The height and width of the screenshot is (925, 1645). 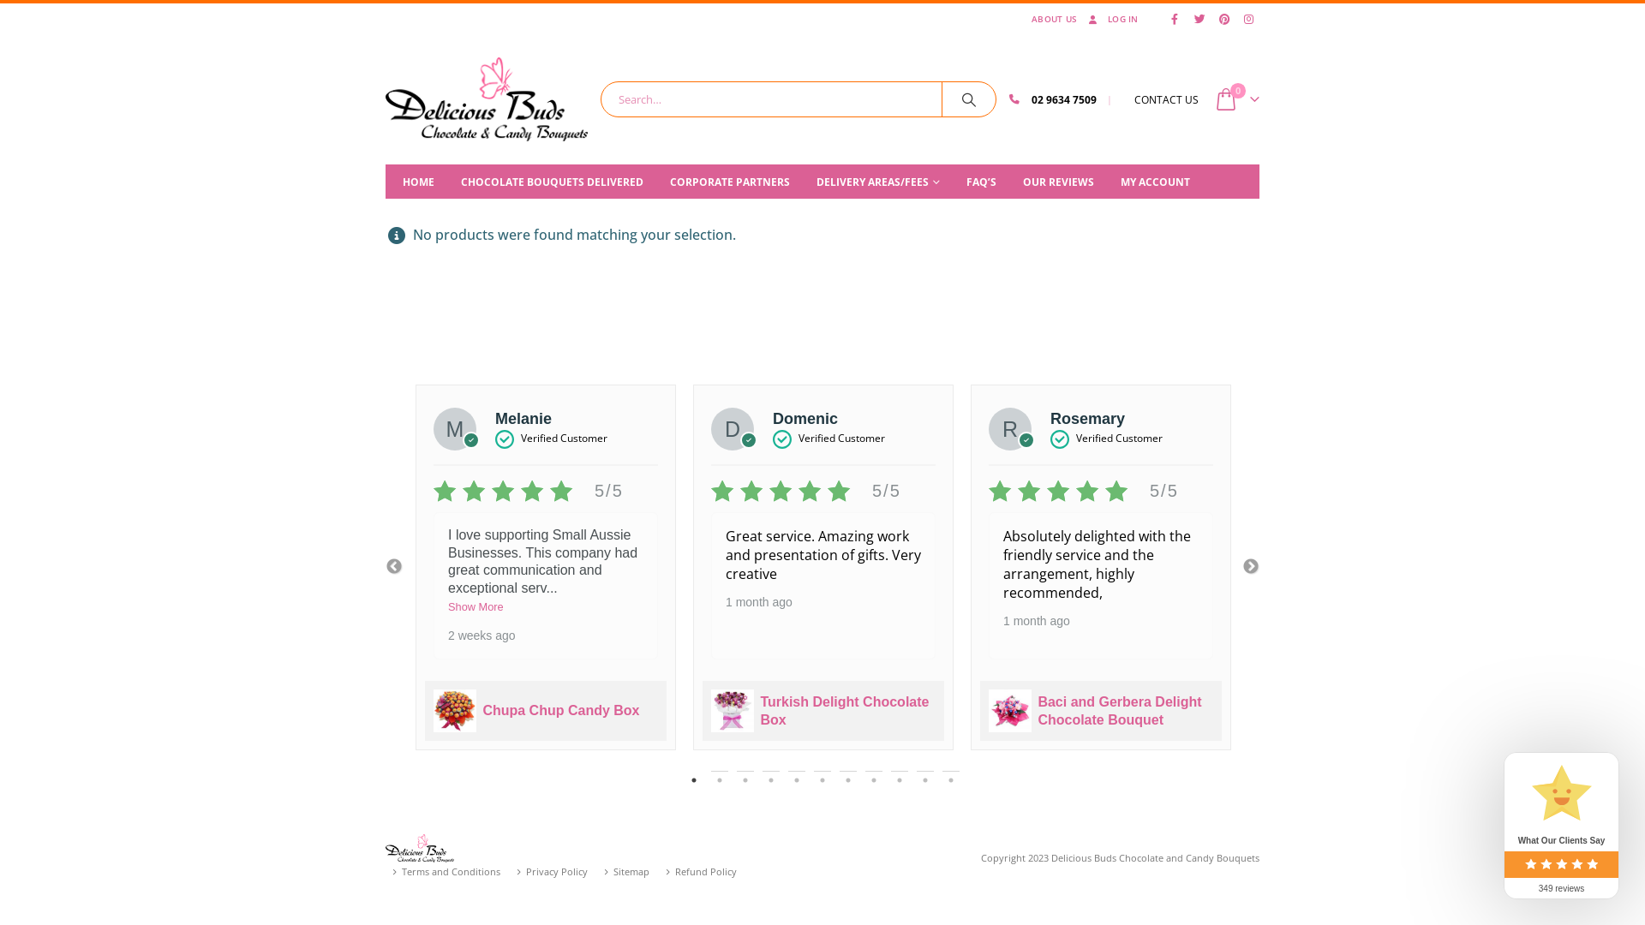 I want to click on 'OUR REVIEWS', so click(x=1053, y=182).